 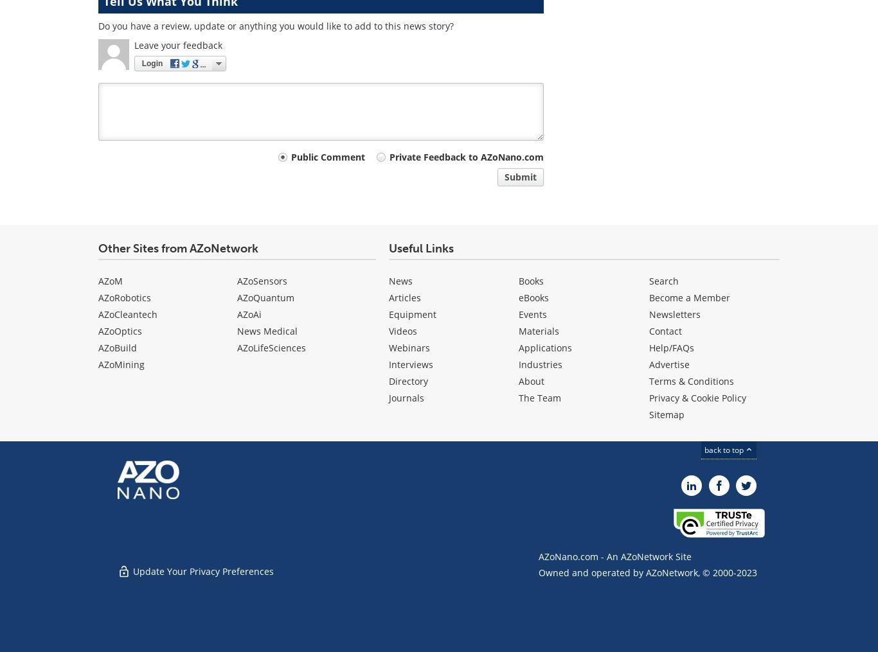 I want to click on 'AZoNano.com - An AZoNetwork Site', so click(x=538, y=556).